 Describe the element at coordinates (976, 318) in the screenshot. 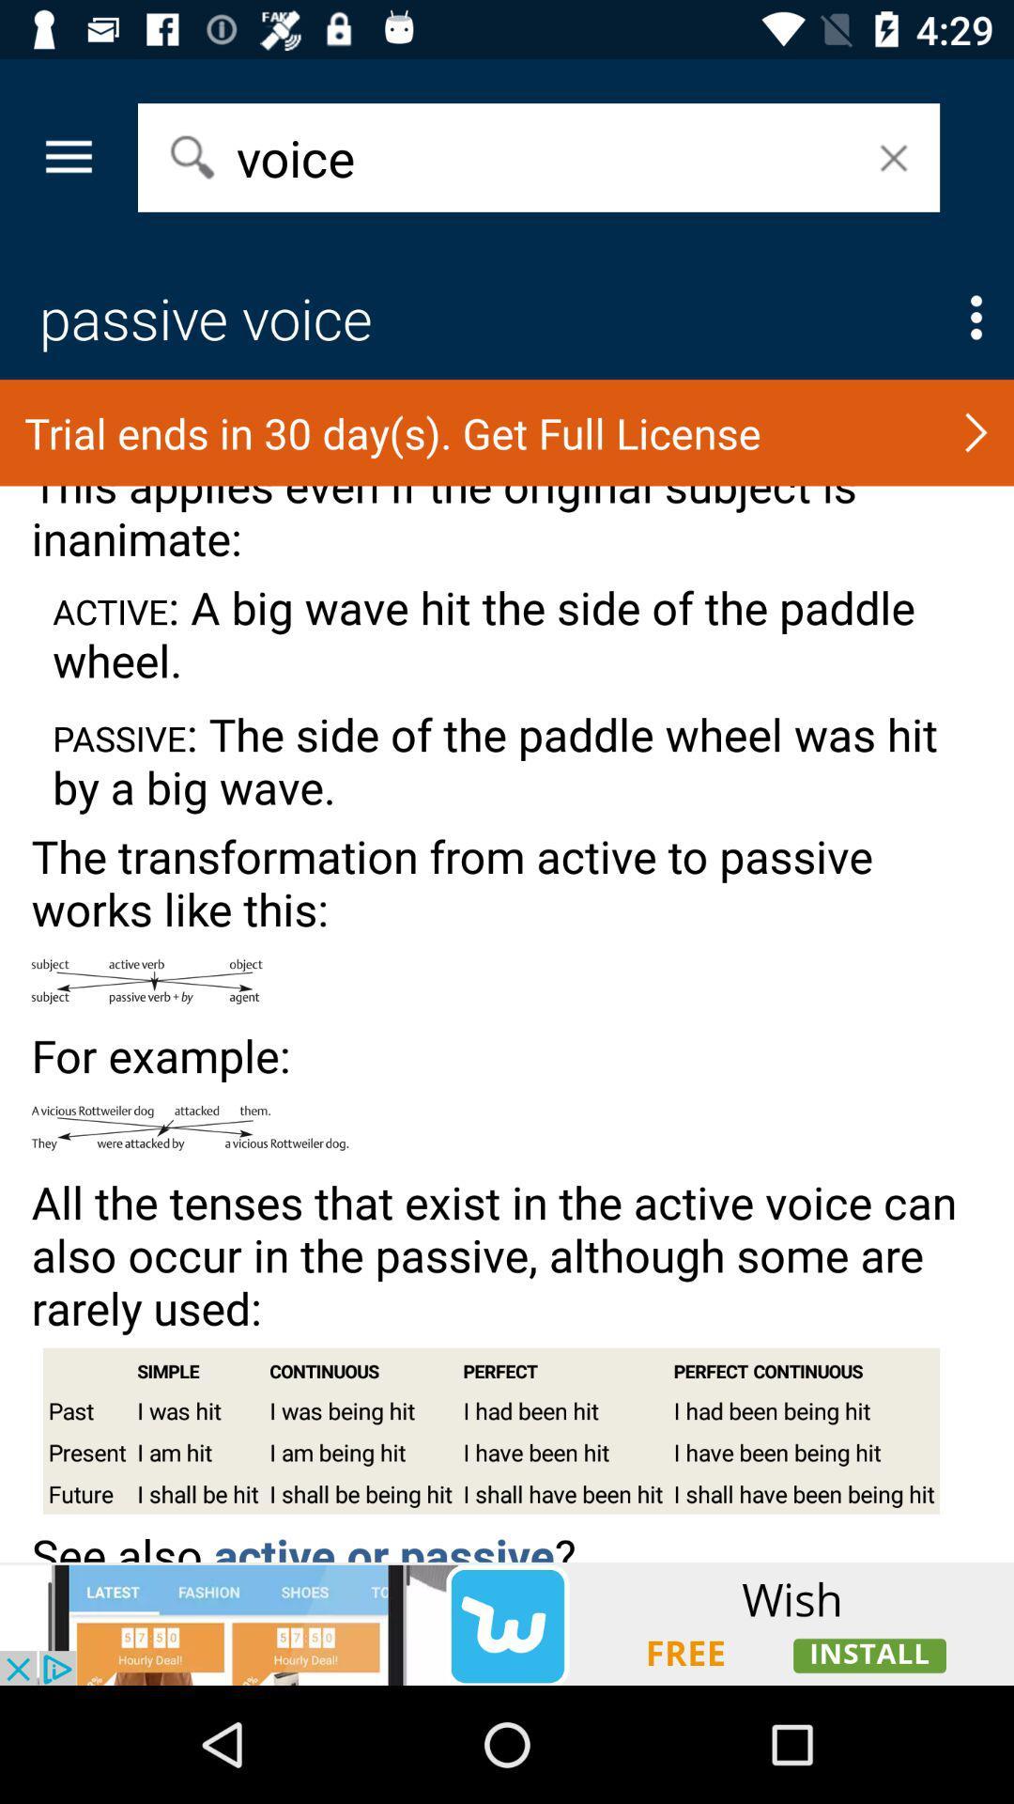

I see `more information` at that location.